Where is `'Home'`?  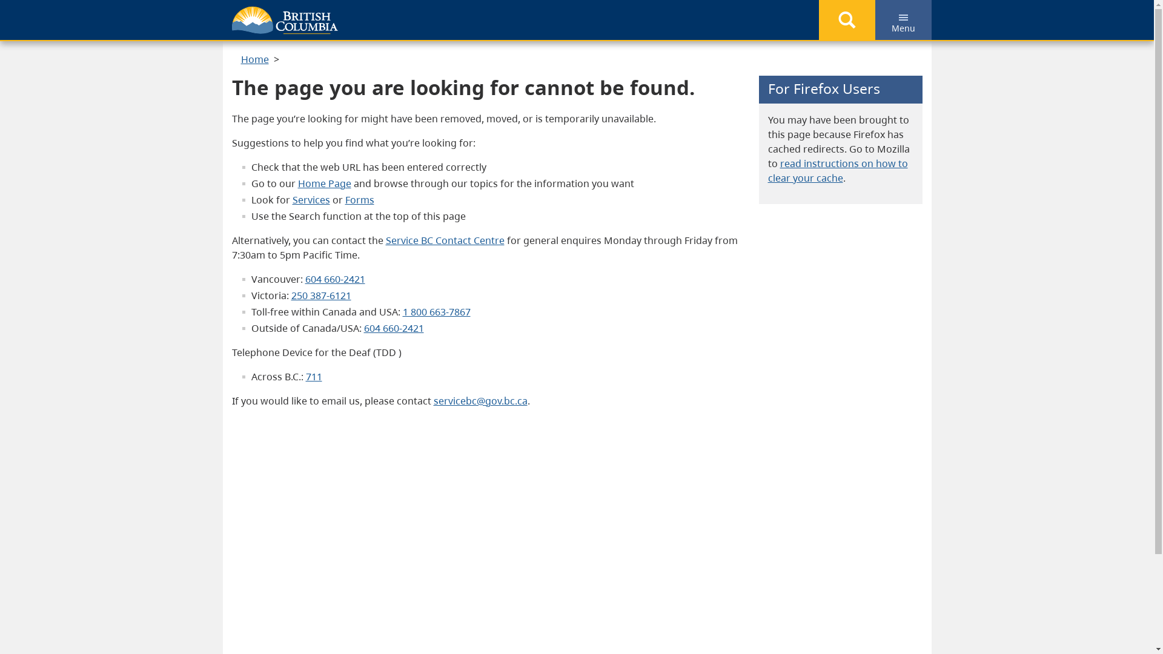 'Home' is located at coordinates (254, 59).